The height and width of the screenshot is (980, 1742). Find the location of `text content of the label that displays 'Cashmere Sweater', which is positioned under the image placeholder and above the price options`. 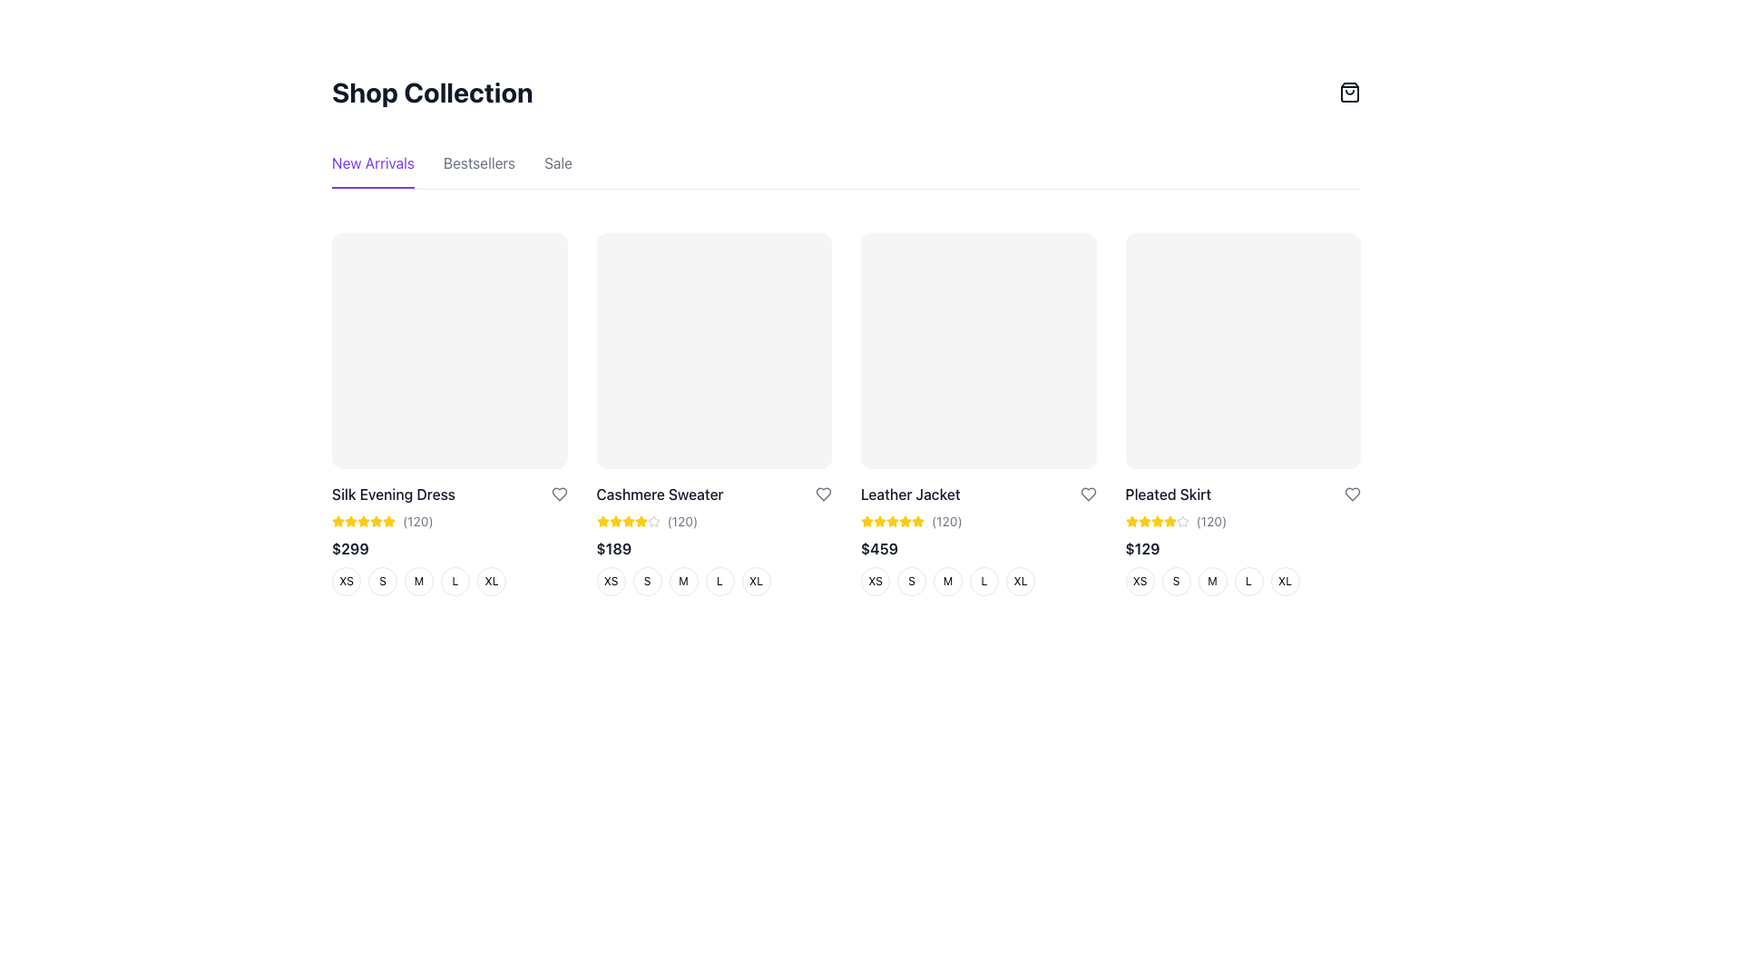

text content of the label that displays 'Cashmere Sweater', which is positioned under the image placeholder and above the price options is located at coordinates (659, 494).